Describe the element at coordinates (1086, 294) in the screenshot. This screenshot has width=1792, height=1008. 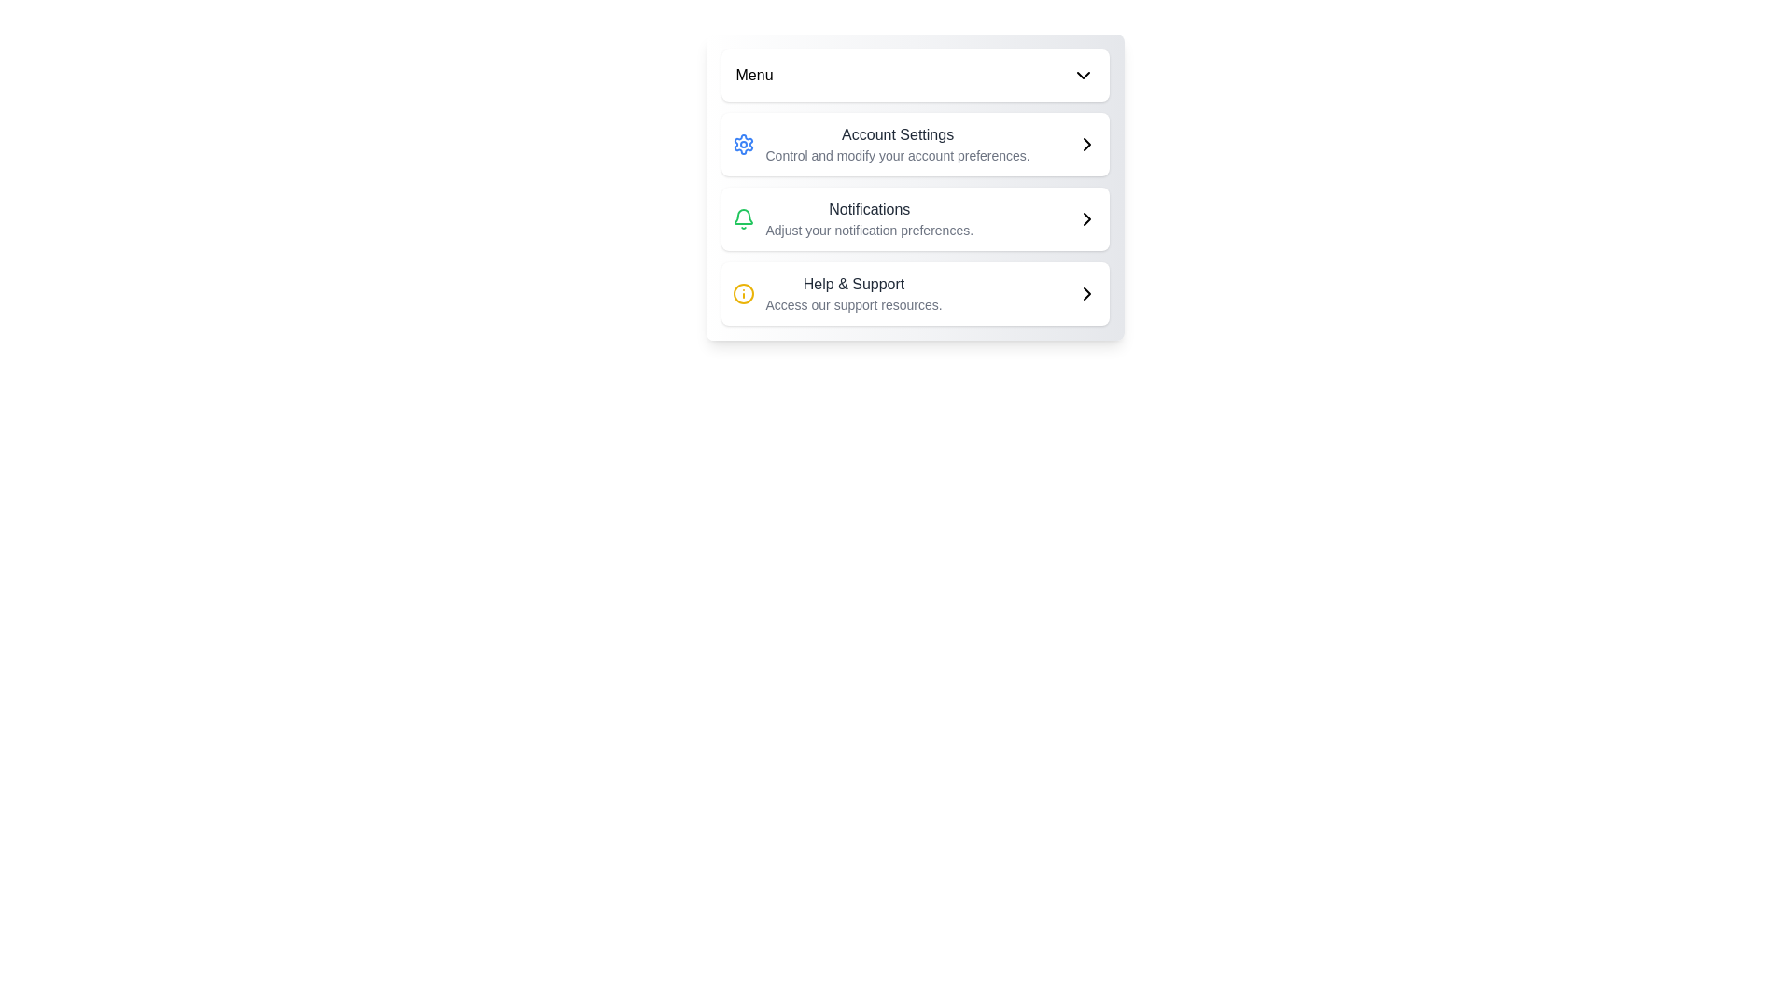
I see `the right-facing chevron icon in the Help & Support section of the menu` at that location.